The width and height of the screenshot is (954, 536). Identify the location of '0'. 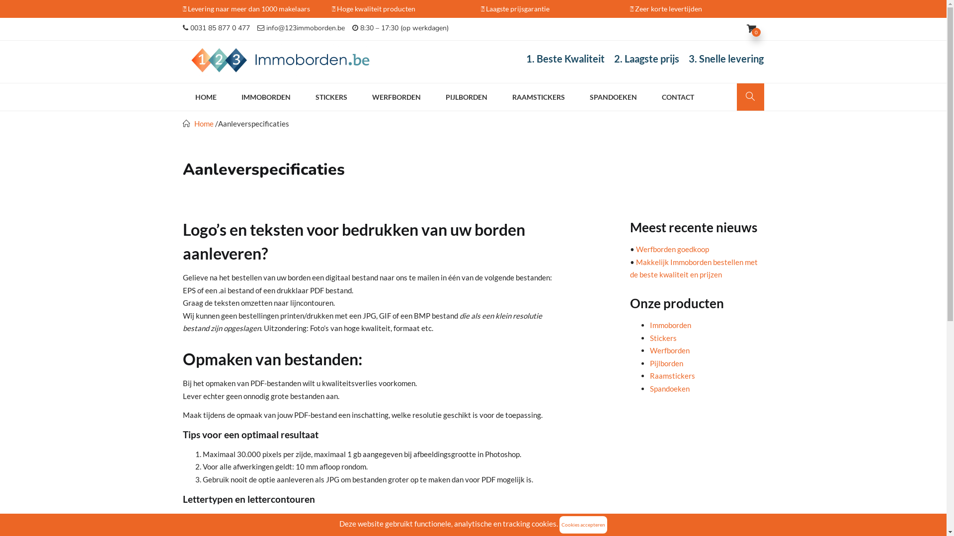
(755, 28).